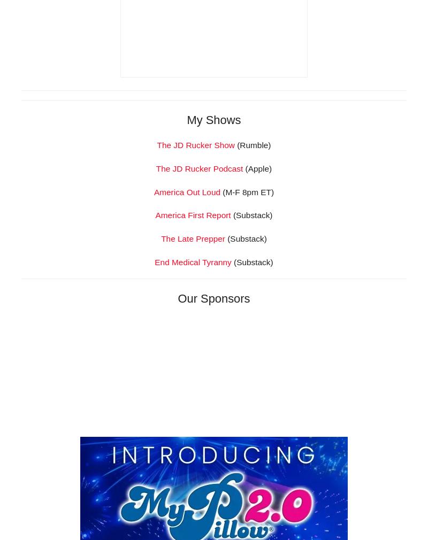 This screenshot has height=540, width=428. Describe the element at coordinates (155, 412) in the screenshot. I see `'End Medical Tyranny'` at that location.